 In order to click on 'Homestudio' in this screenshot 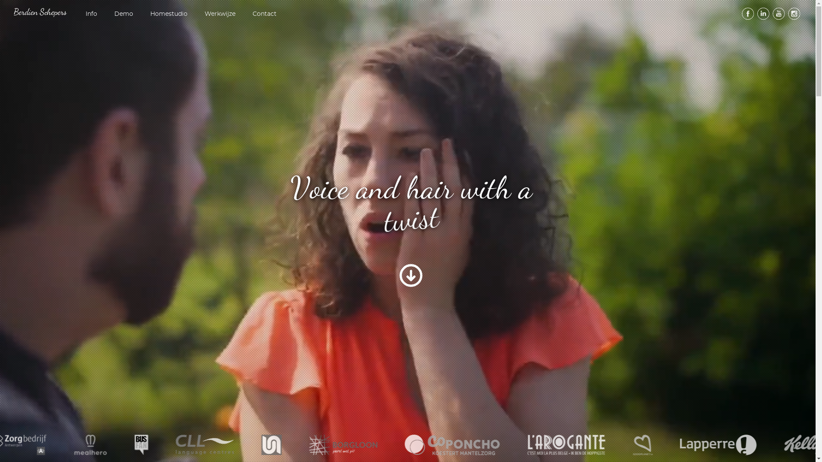, I will do `click(169, 13)`.